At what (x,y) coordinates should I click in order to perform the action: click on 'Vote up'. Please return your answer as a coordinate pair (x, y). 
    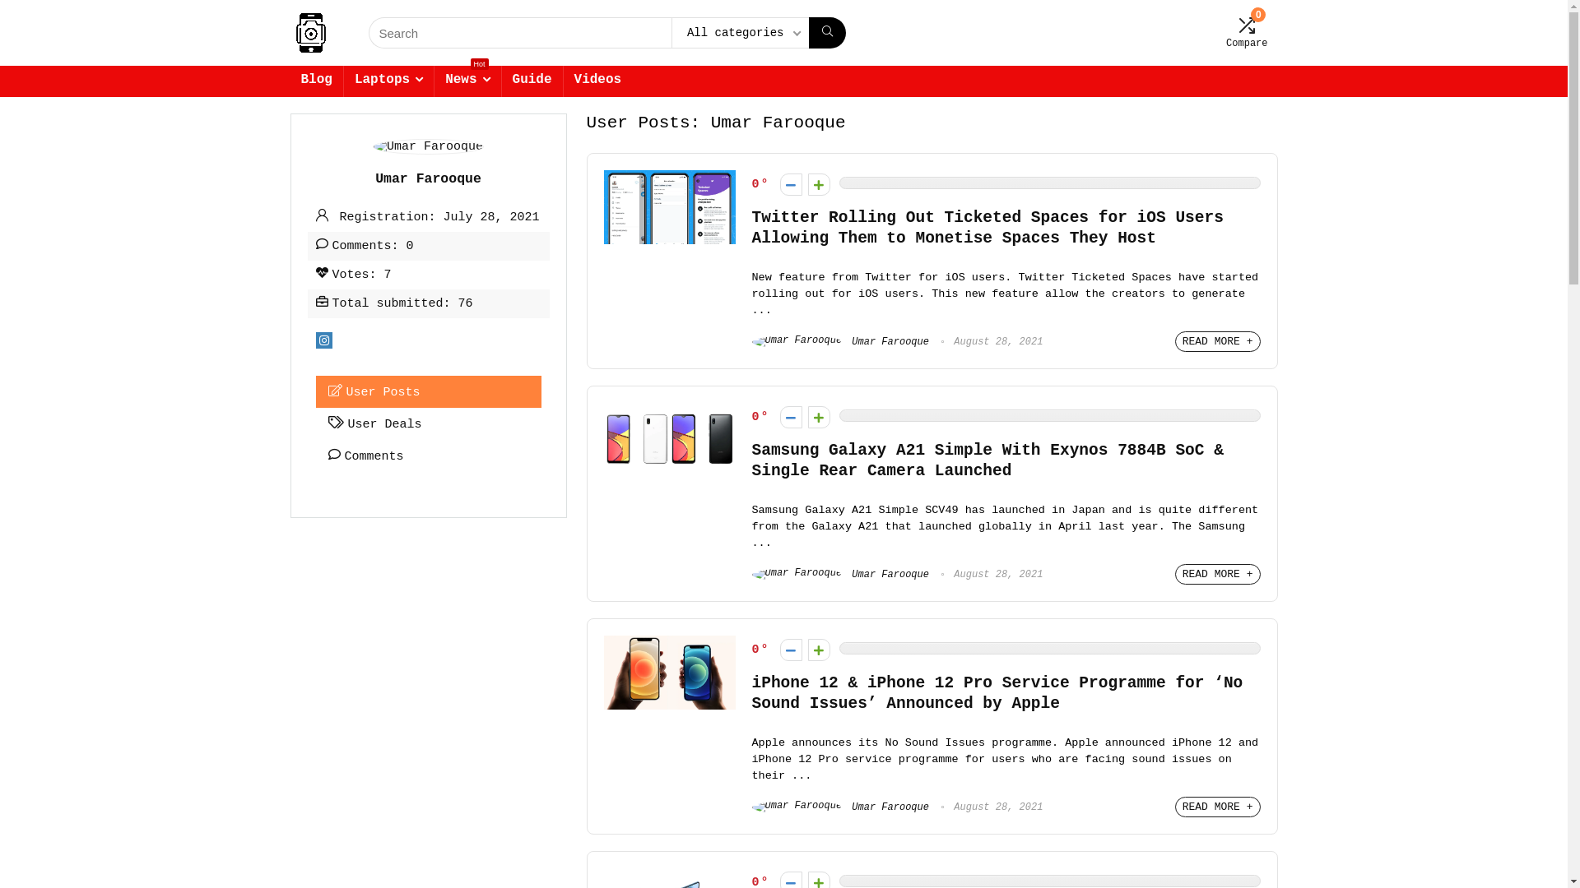
    Looking at the image, I should click on (808, 649).